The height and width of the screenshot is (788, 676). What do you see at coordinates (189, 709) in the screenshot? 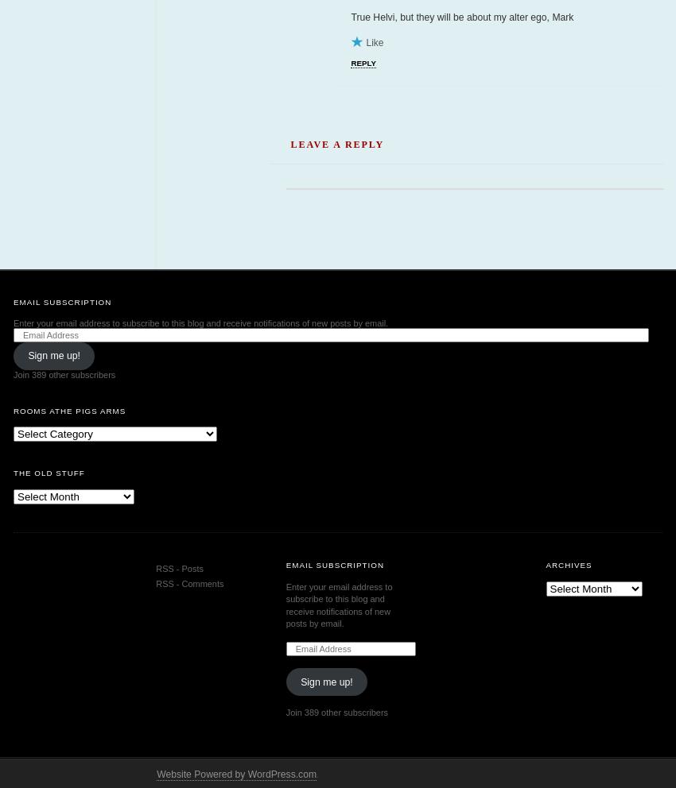
I see `'RSS - Comments'` at bounding box center [189, 709].